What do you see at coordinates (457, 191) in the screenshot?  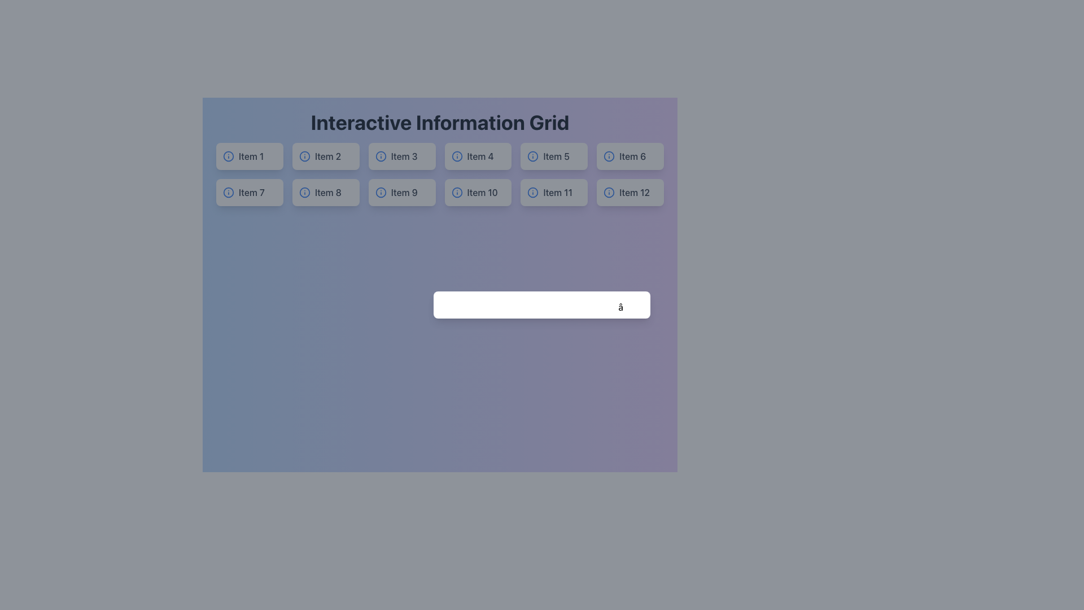 I see `the blue filled circular component of the information icon within the 'Item 10' button, located at the center of the icon` at bounding box center [457, 191].